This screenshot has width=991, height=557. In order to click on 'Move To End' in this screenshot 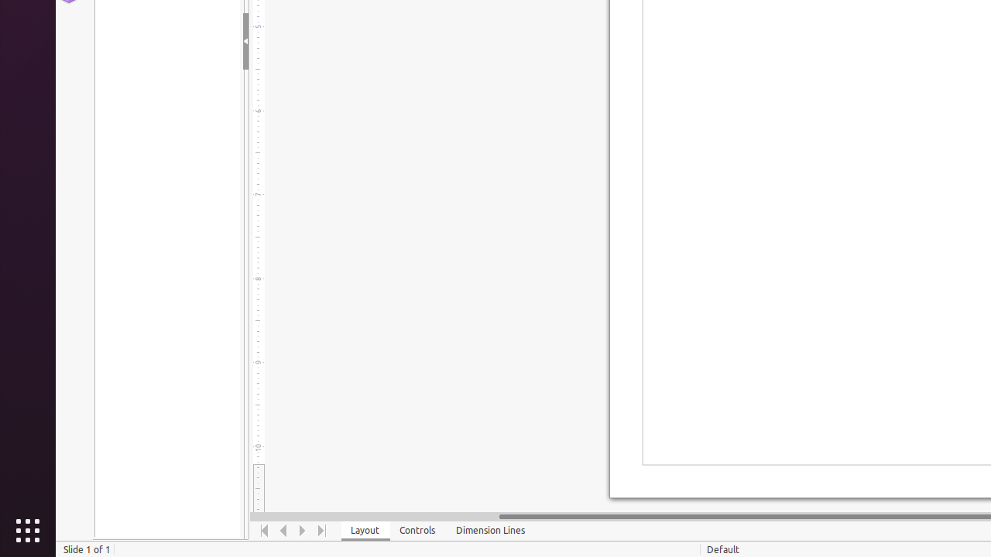, I will do `click(321, 530)`.